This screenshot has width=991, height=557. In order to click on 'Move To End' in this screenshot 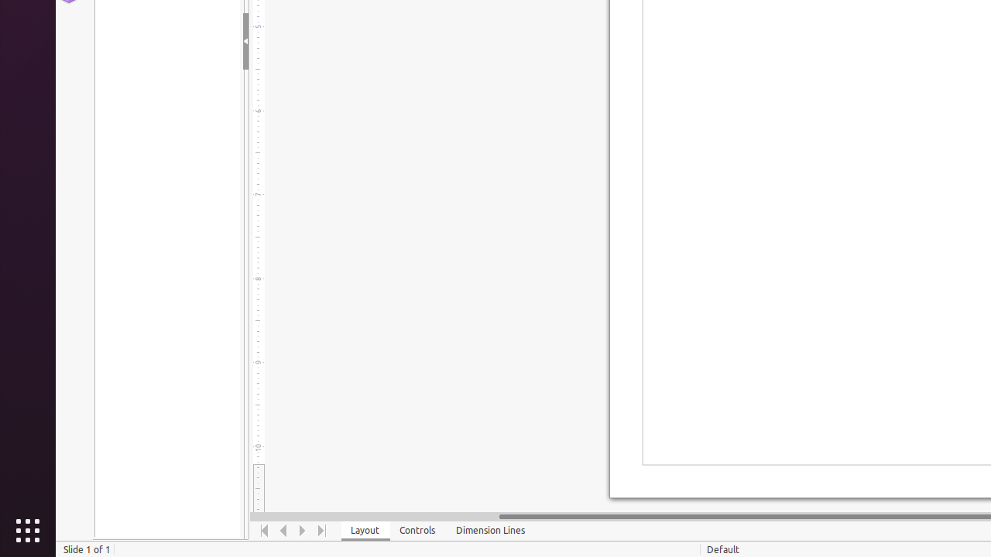, I will do `click(321, 530)`.